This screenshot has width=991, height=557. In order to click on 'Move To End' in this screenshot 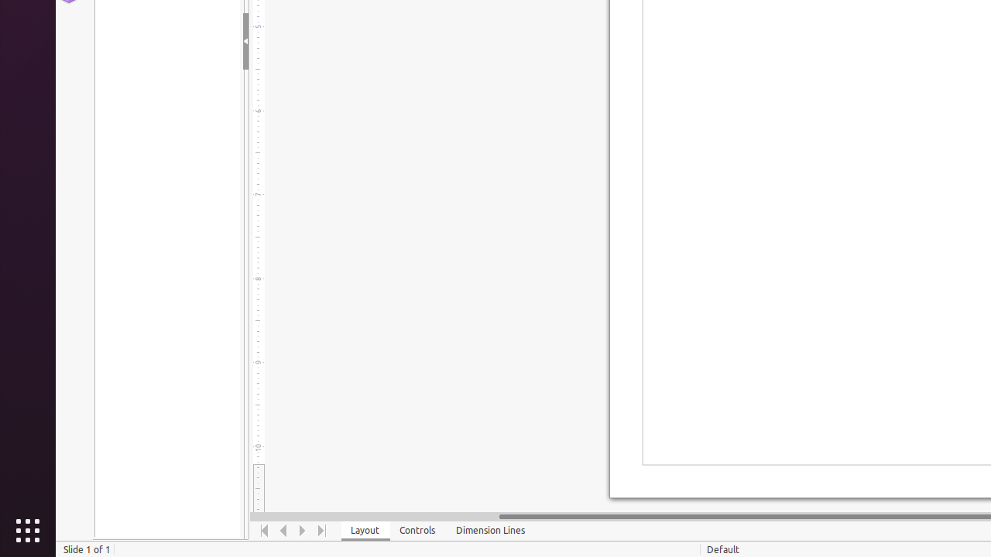, I will do `click(321, 530)`.